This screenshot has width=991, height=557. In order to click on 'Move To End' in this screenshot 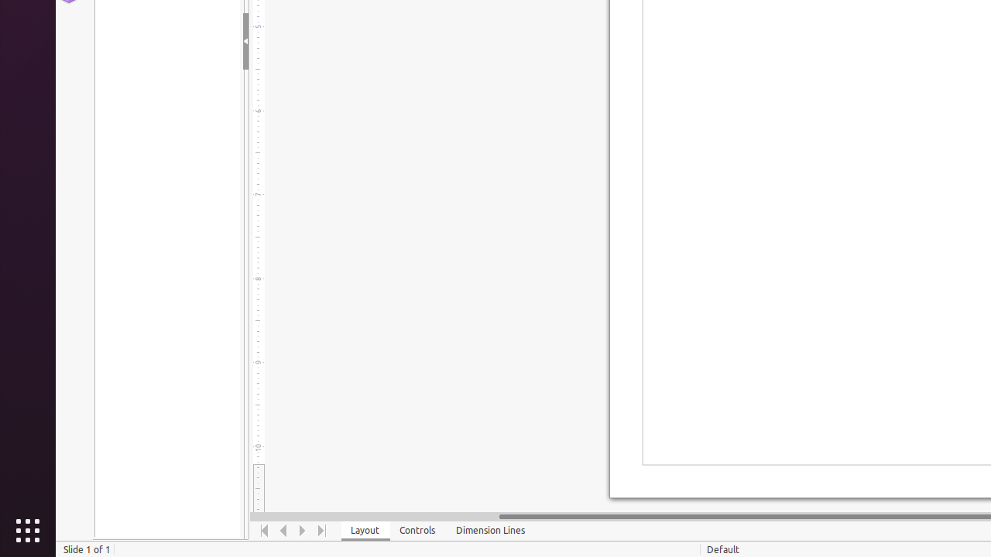, I will do `click(321, 530)`.